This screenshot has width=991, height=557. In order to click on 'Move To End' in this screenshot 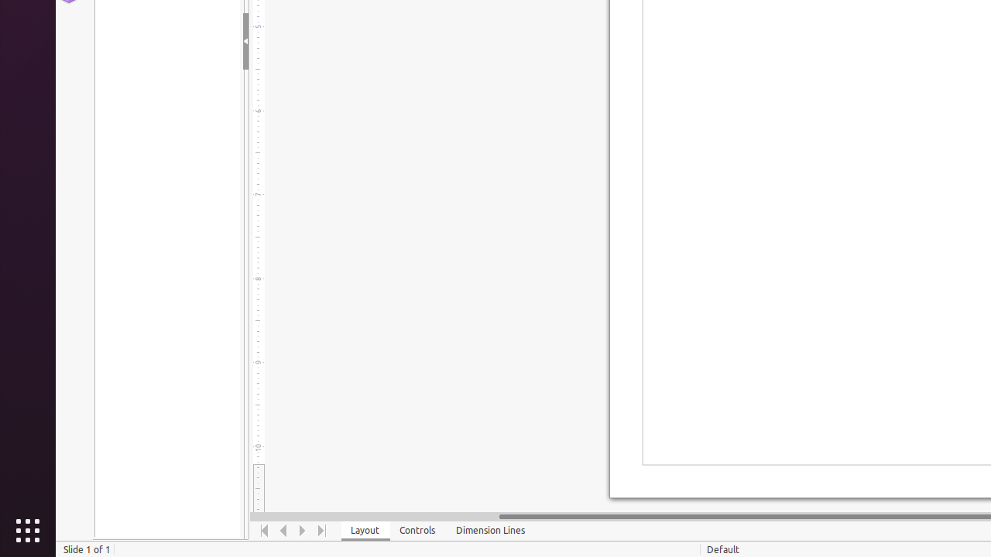, I will do `click(321, 530)`.